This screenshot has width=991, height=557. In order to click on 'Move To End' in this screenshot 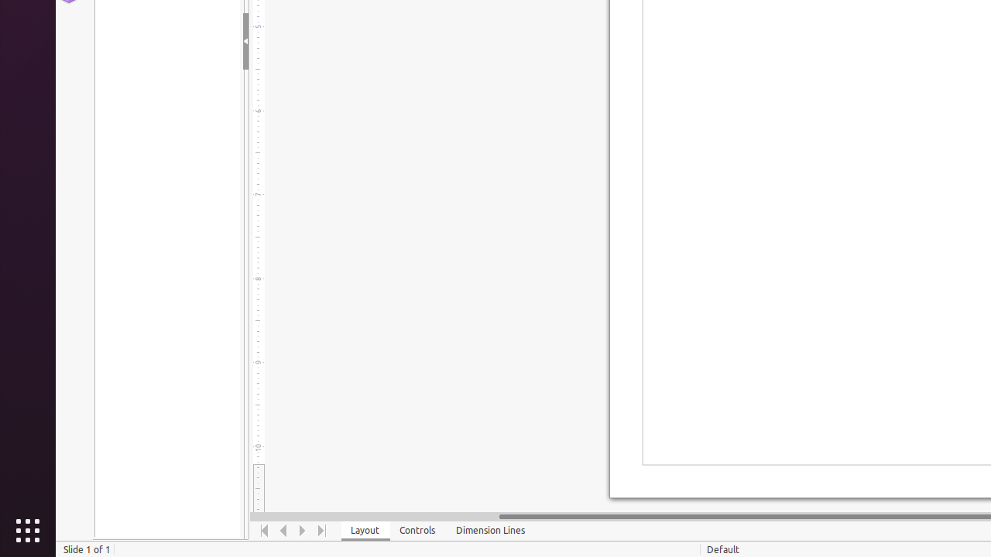, I will do `click(321, 530)`.